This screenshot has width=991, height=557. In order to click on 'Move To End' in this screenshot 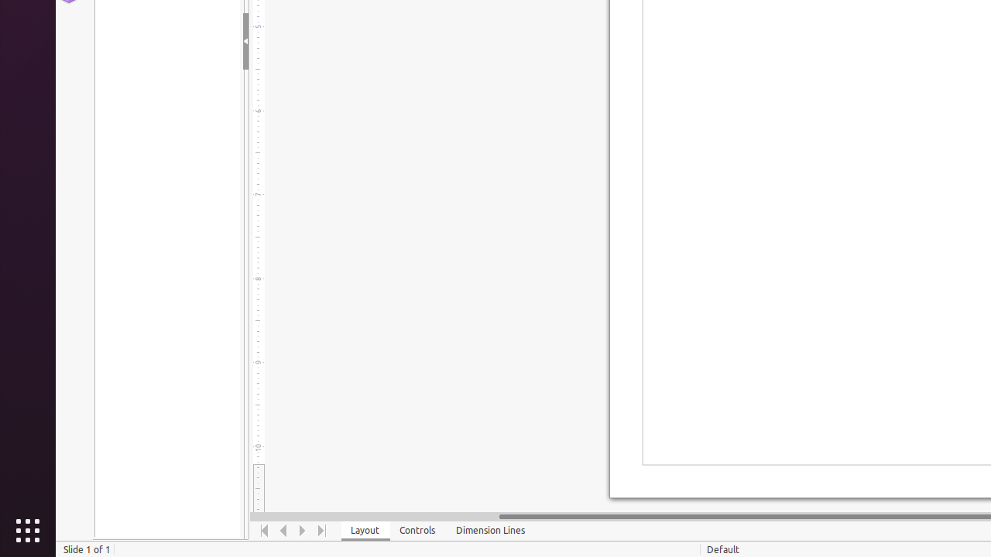, I will do `click(321, 530)`.